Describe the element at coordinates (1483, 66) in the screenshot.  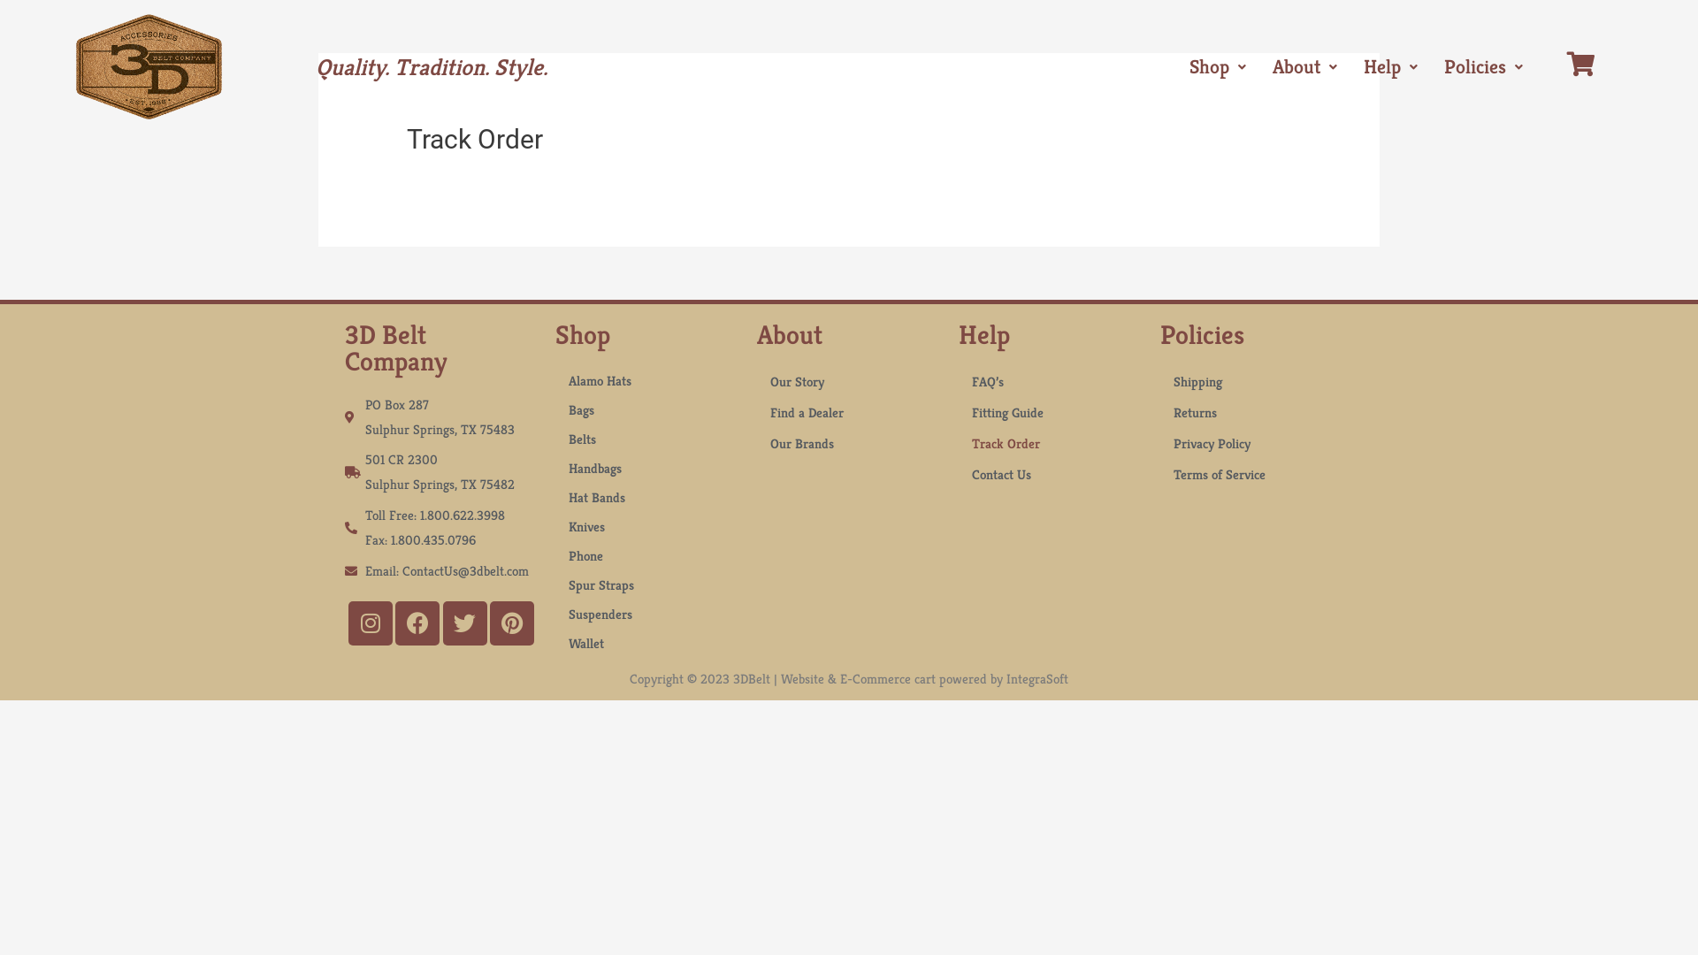
I see `'Policies'` at that location.